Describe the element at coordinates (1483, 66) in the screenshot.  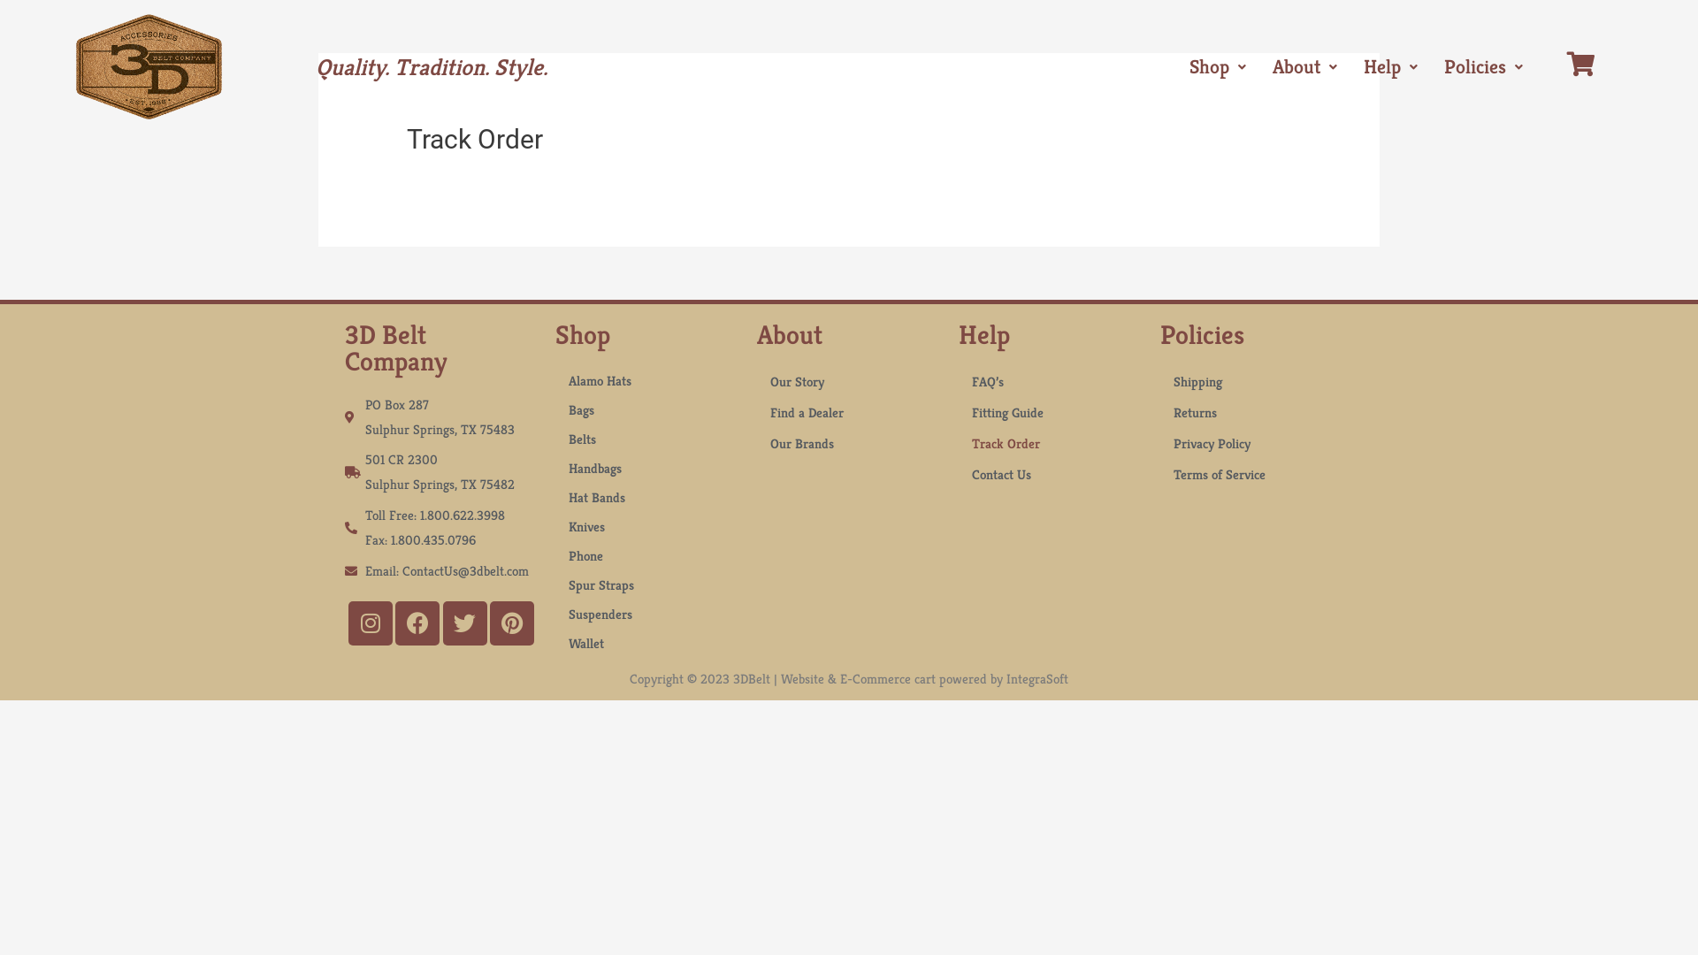
I see `'Policies'` at that location.